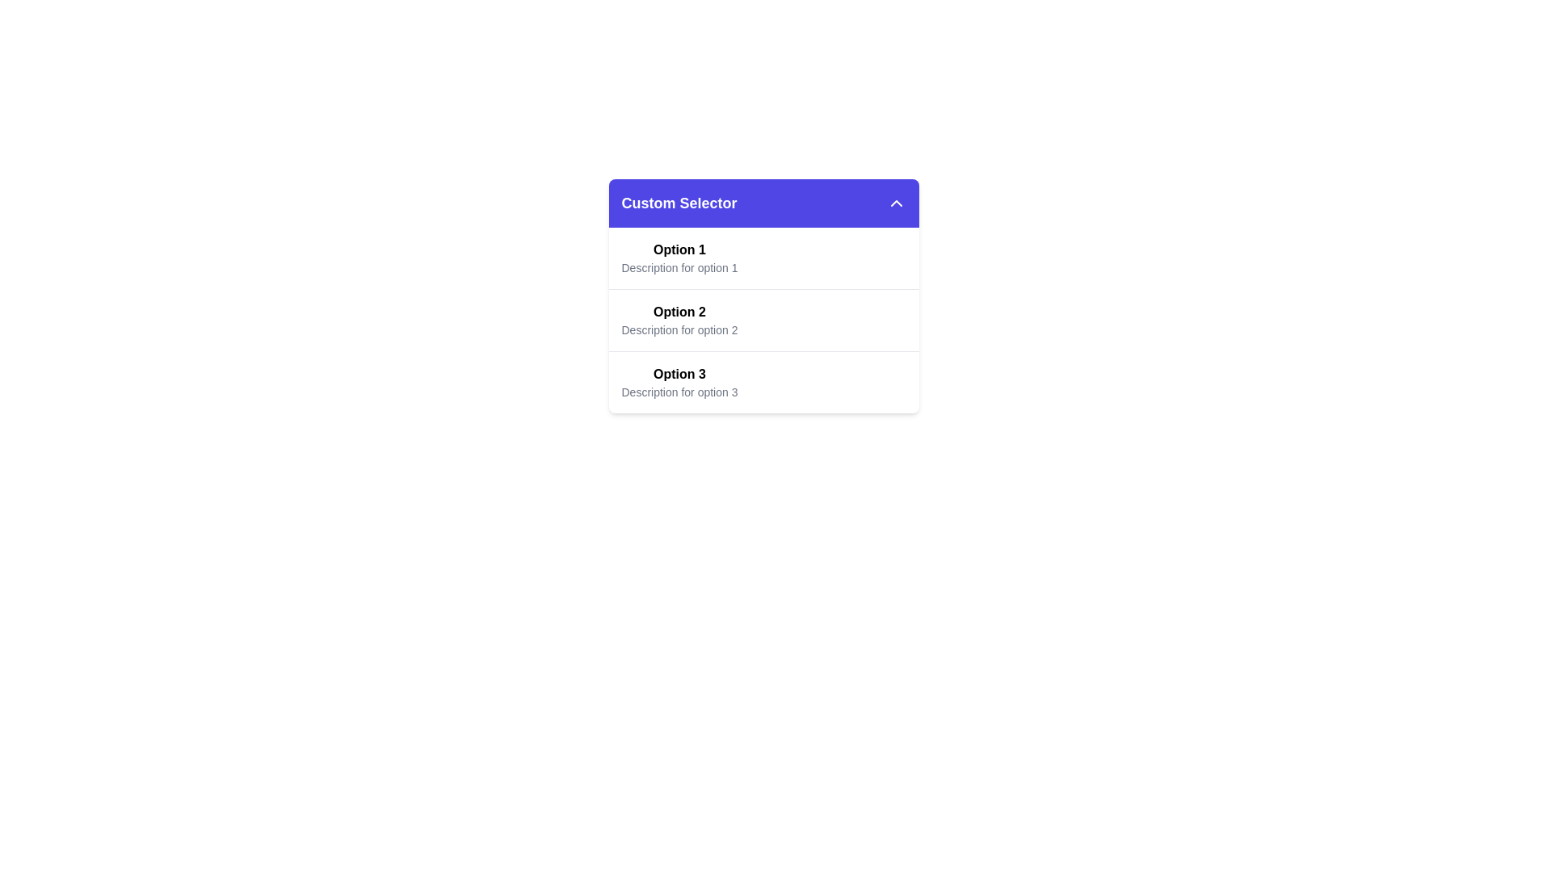  Describe the element at coordinates (763, 382) in the screenshot. I see `the third list item labeled 'Option 3' which contains a description below it` at that location.